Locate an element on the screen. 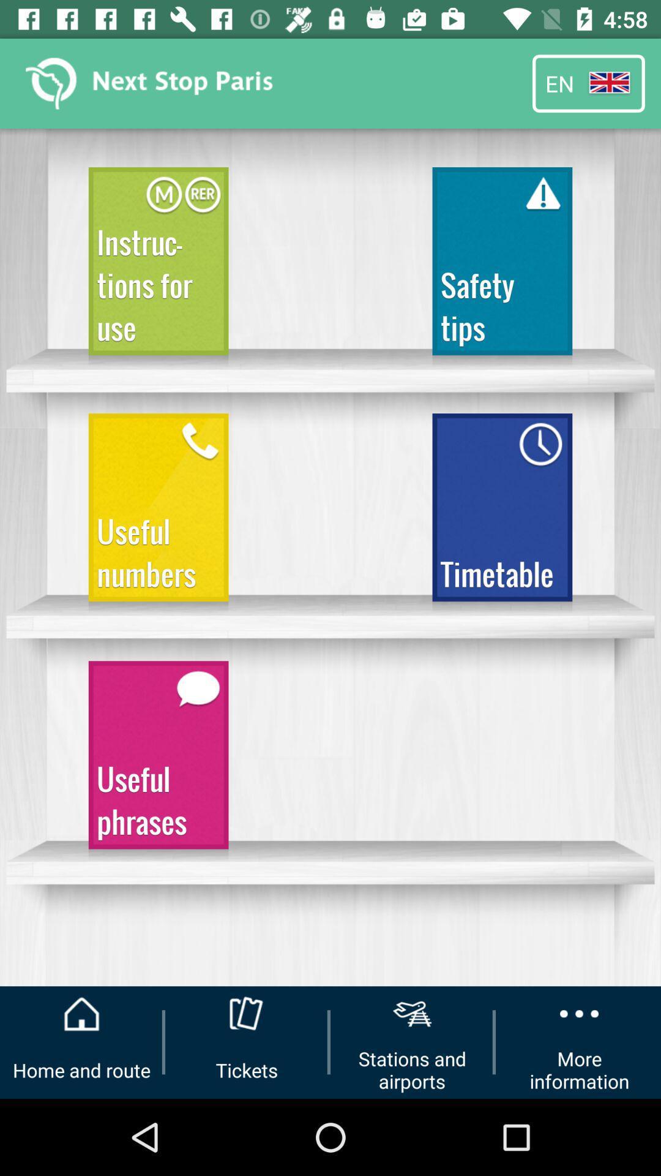 This screenshot has height=1176, width=661. the useful phrases is located at coordinates (158, 760).